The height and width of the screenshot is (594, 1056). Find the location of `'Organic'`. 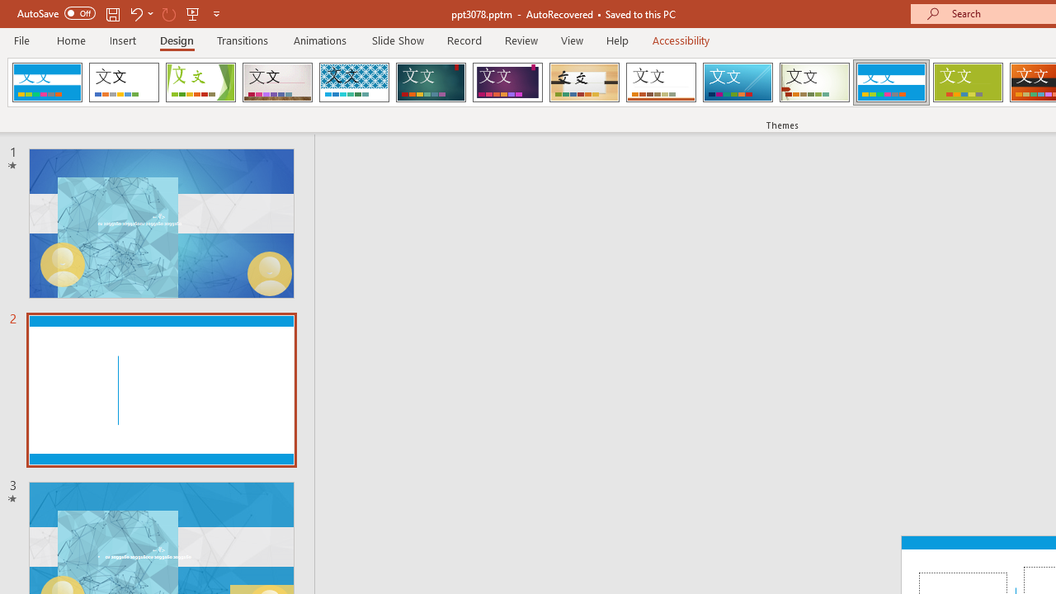

'Organic' is located at coordinates (584, 82).